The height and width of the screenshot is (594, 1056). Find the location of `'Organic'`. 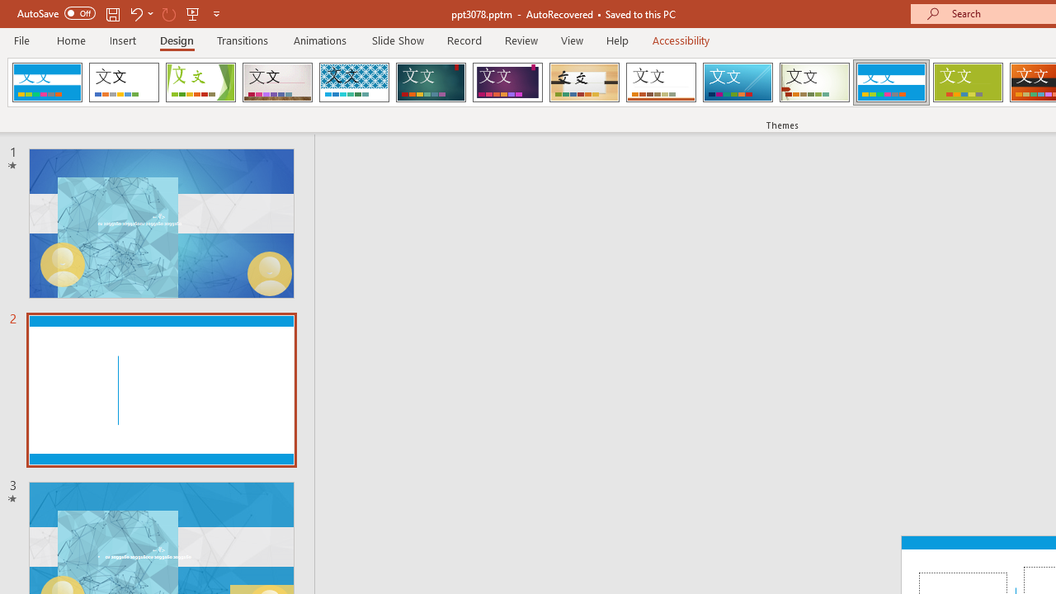

'Organic' is located at coordinates (584, 82).